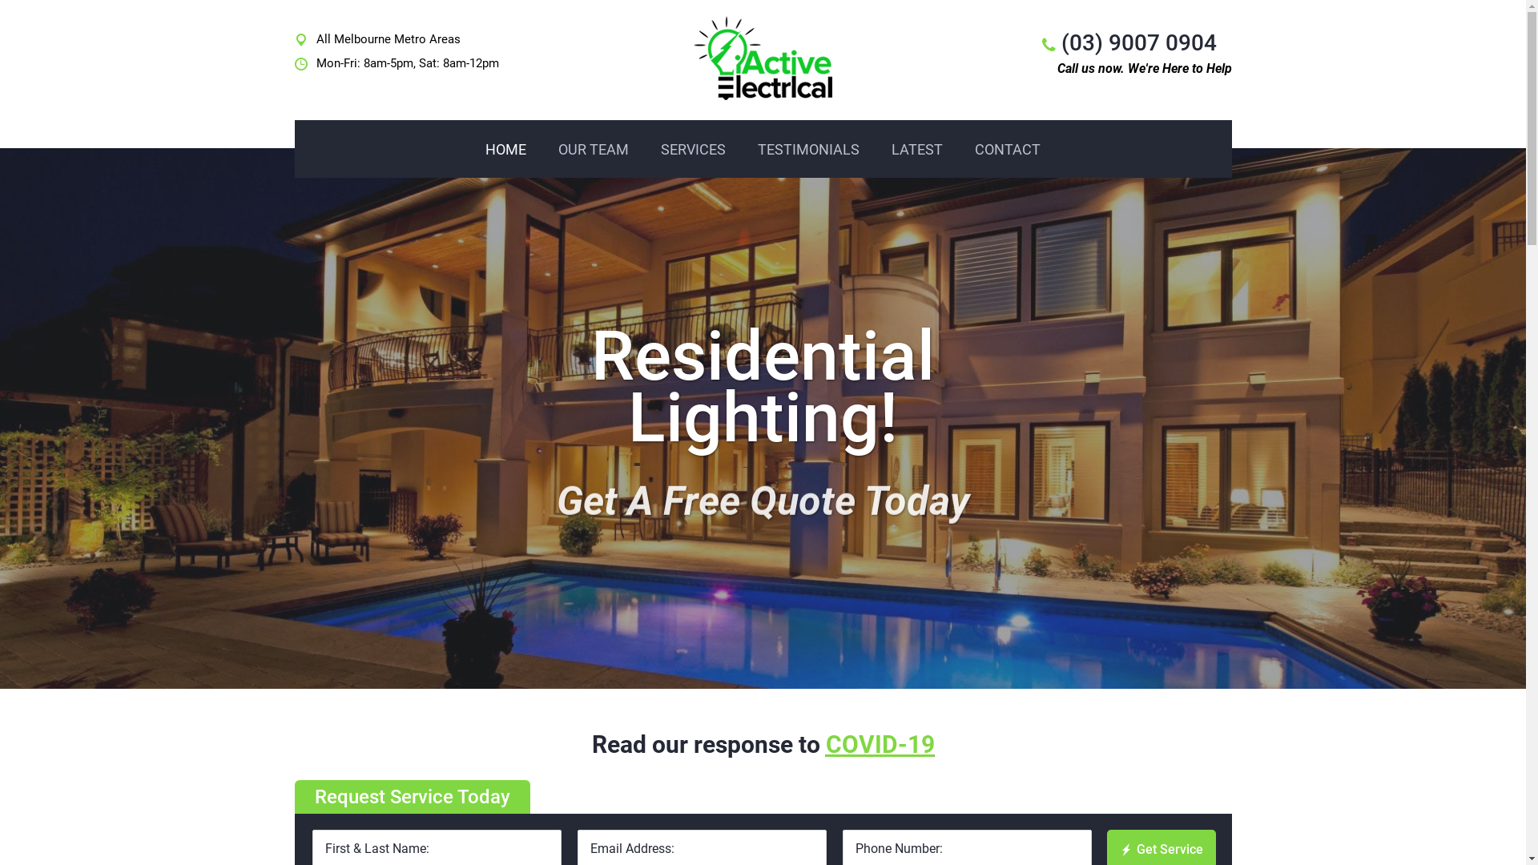  What do you see at coordinates (808, 149) in the screenshot?
I see `'TESTIMONIALS'` at bounding box center [808, 149].